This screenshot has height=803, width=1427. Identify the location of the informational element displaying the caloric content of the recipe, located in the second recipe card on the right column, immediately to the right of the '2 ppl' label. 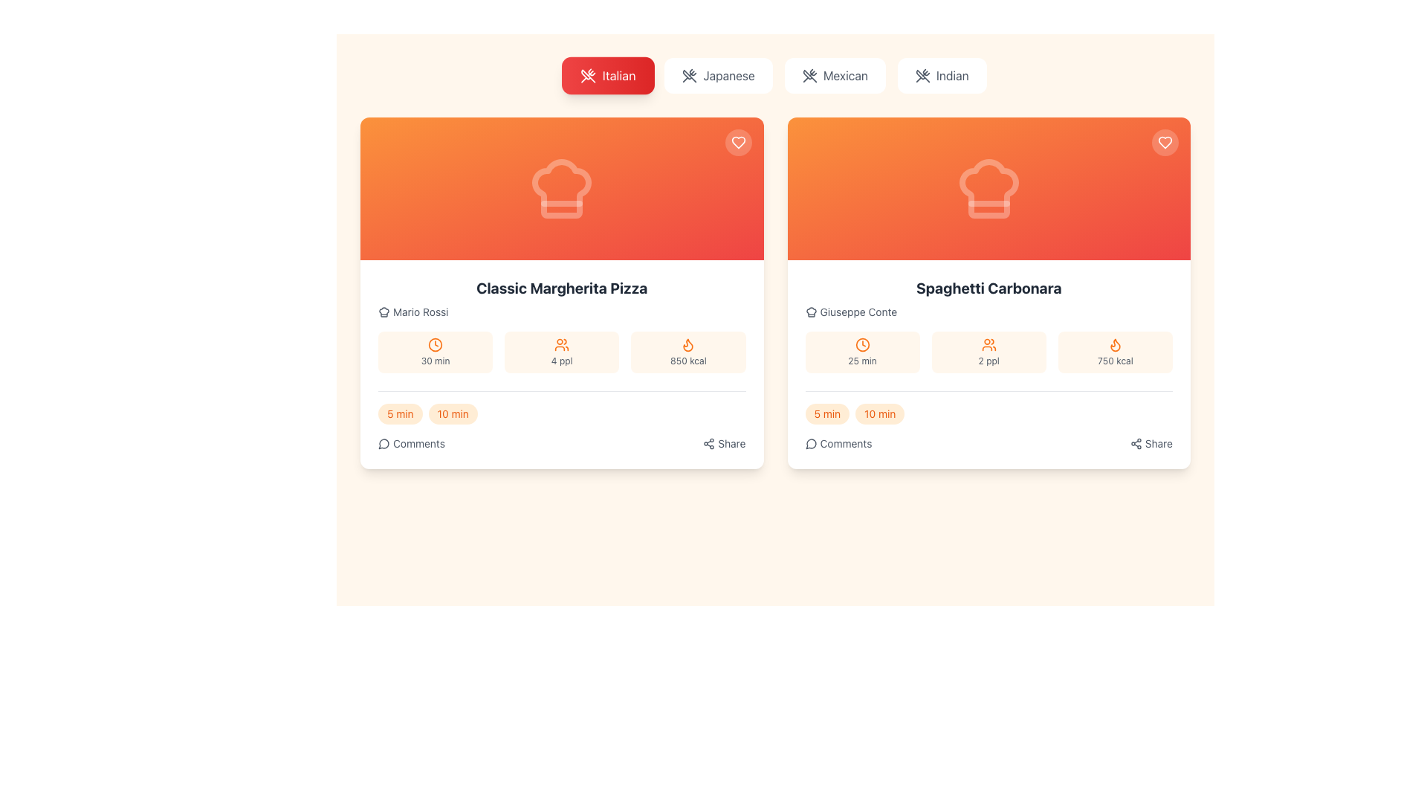
(1115, 352).